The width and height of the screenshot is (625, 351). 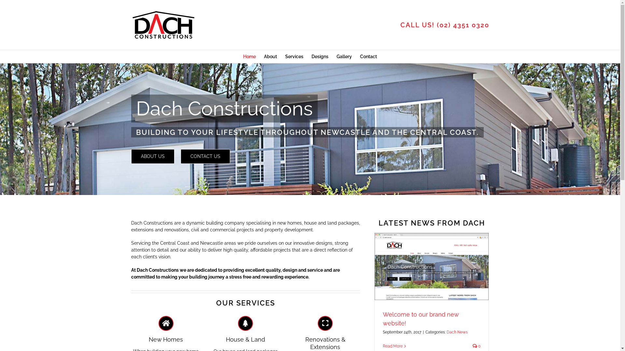 What do you see at coordinates (457, 332) in the screenshot?
I see `'Dach News'` at bounding box center [457, 332].